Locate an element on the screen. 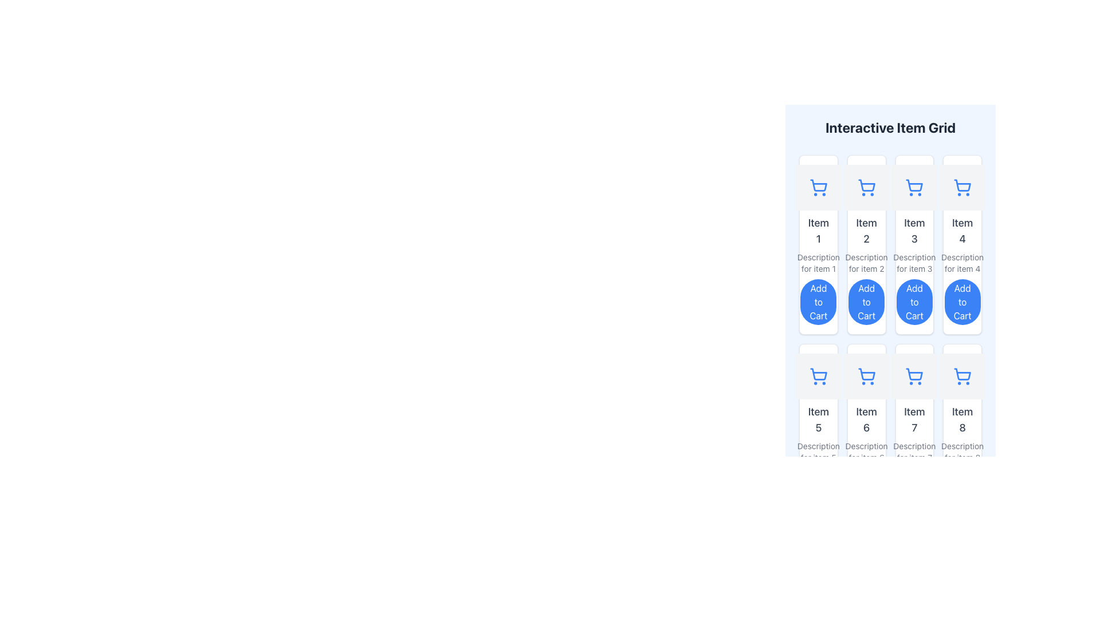 This screenshot has height=618, width=1100. the title text of the second item in the grid-based catalog, located in the top row of the layout is located at coordinates (866, 231).